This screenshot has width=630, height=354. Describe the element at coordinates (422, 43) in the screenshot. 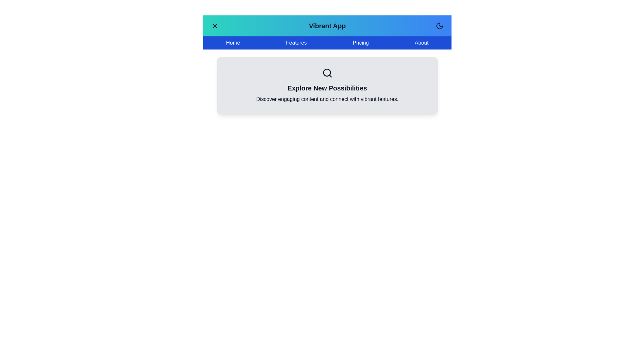

I see `the menu item About to navigate` at that location.